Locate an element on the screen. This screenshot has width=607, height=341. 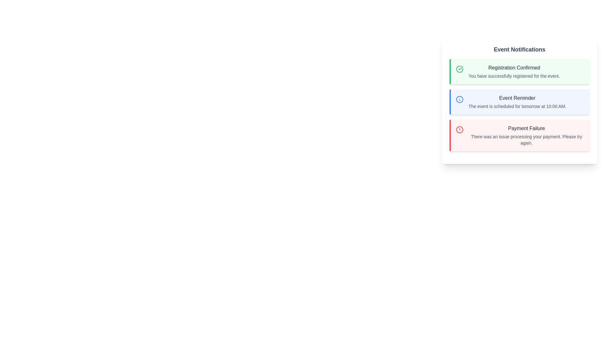
the confirmation message text label indicating successful registration, located at the top section of the green-background notification card on the Event Notifications interface is located at coordinates (514, 68).